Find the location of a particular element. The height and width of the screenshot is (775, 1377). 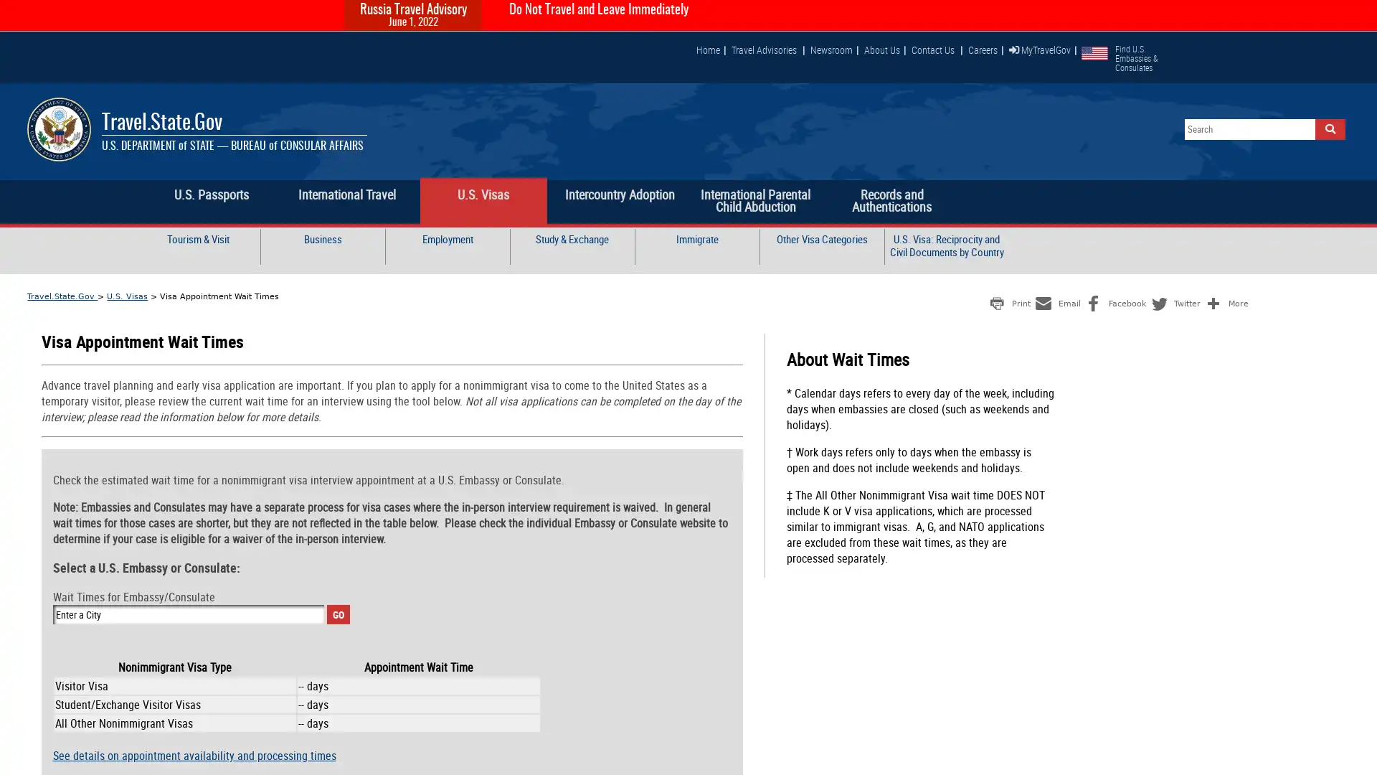

GO is located at coordinates (337, 614).